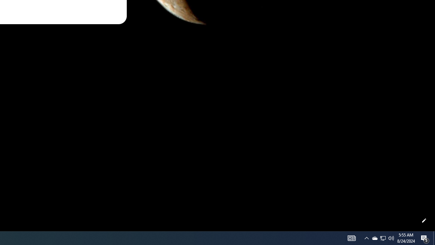  Describe the element at coordinates (424, 220) in the screenshot. I see `'Customize this page'` at that location.